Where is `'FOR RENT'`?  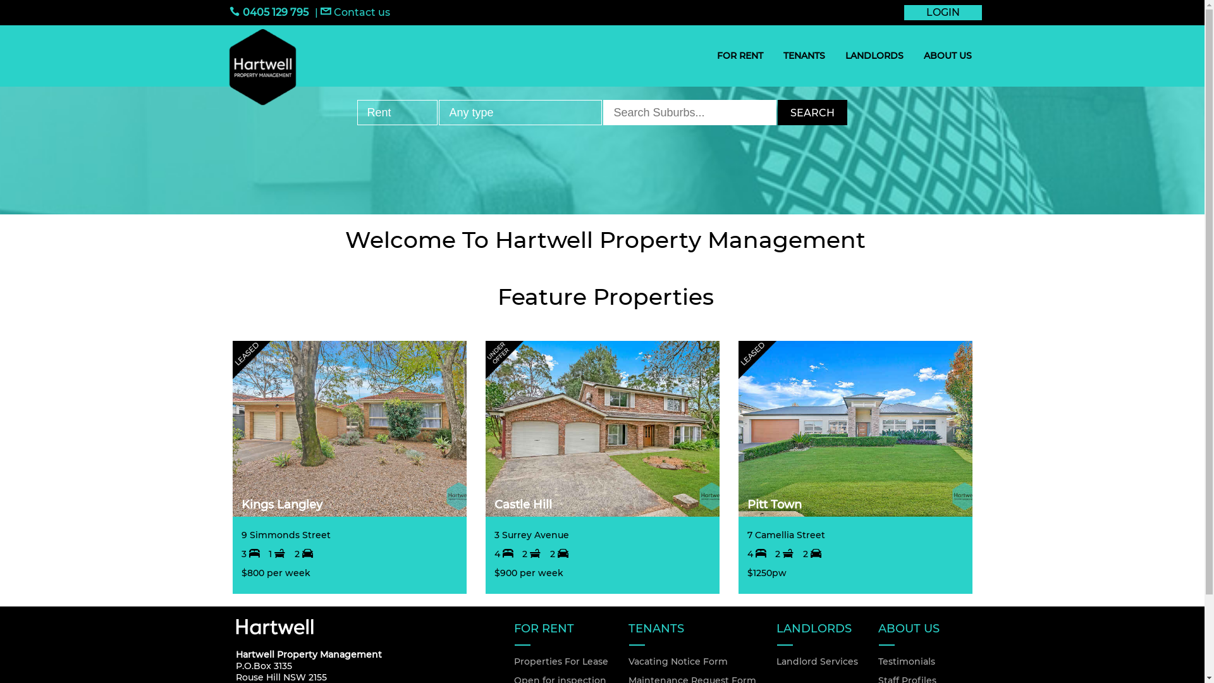 'FOR RENT' is located at coordinates (560, 632).